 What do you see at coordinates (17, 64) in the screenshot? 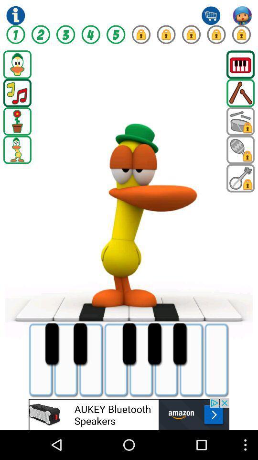
I see `menu page` at bounding box center [17, 64].